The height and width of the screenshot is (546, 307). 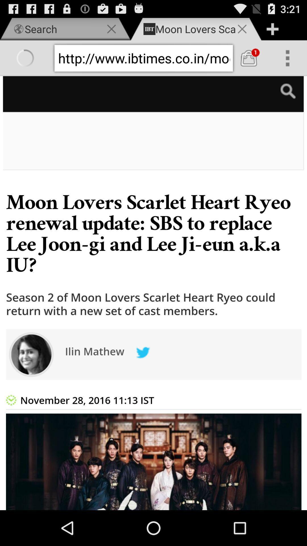 What do you see at coordinates (153, 293) in the screenshot?
I see `share the article` at bounding box center [153, 293].